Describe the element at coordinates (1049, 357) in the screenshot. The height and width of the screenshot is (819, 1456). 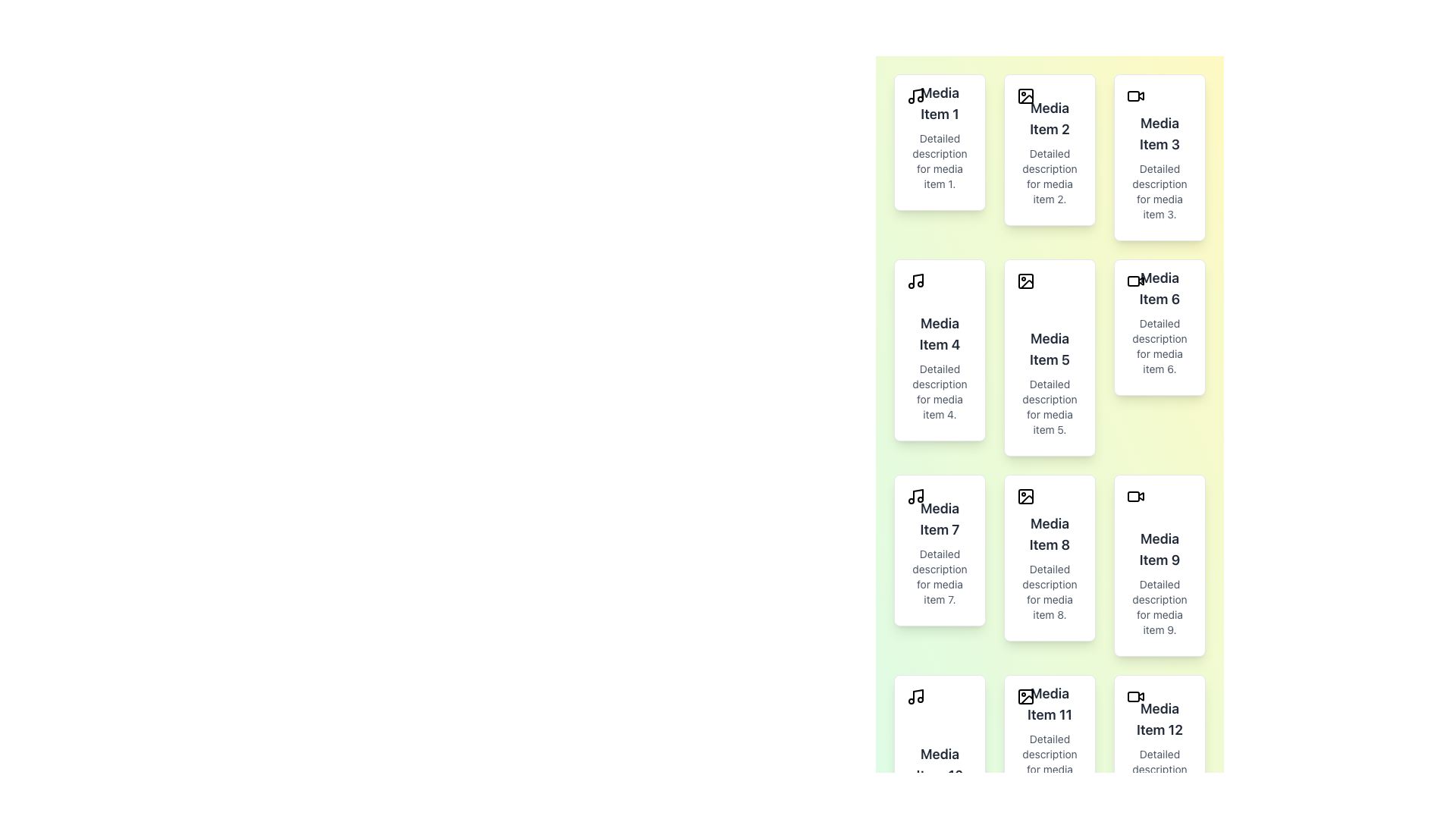
I see `description text of the Card element representing 'Media Item 5', located in the middle column and second row of the grid layout` at that location.